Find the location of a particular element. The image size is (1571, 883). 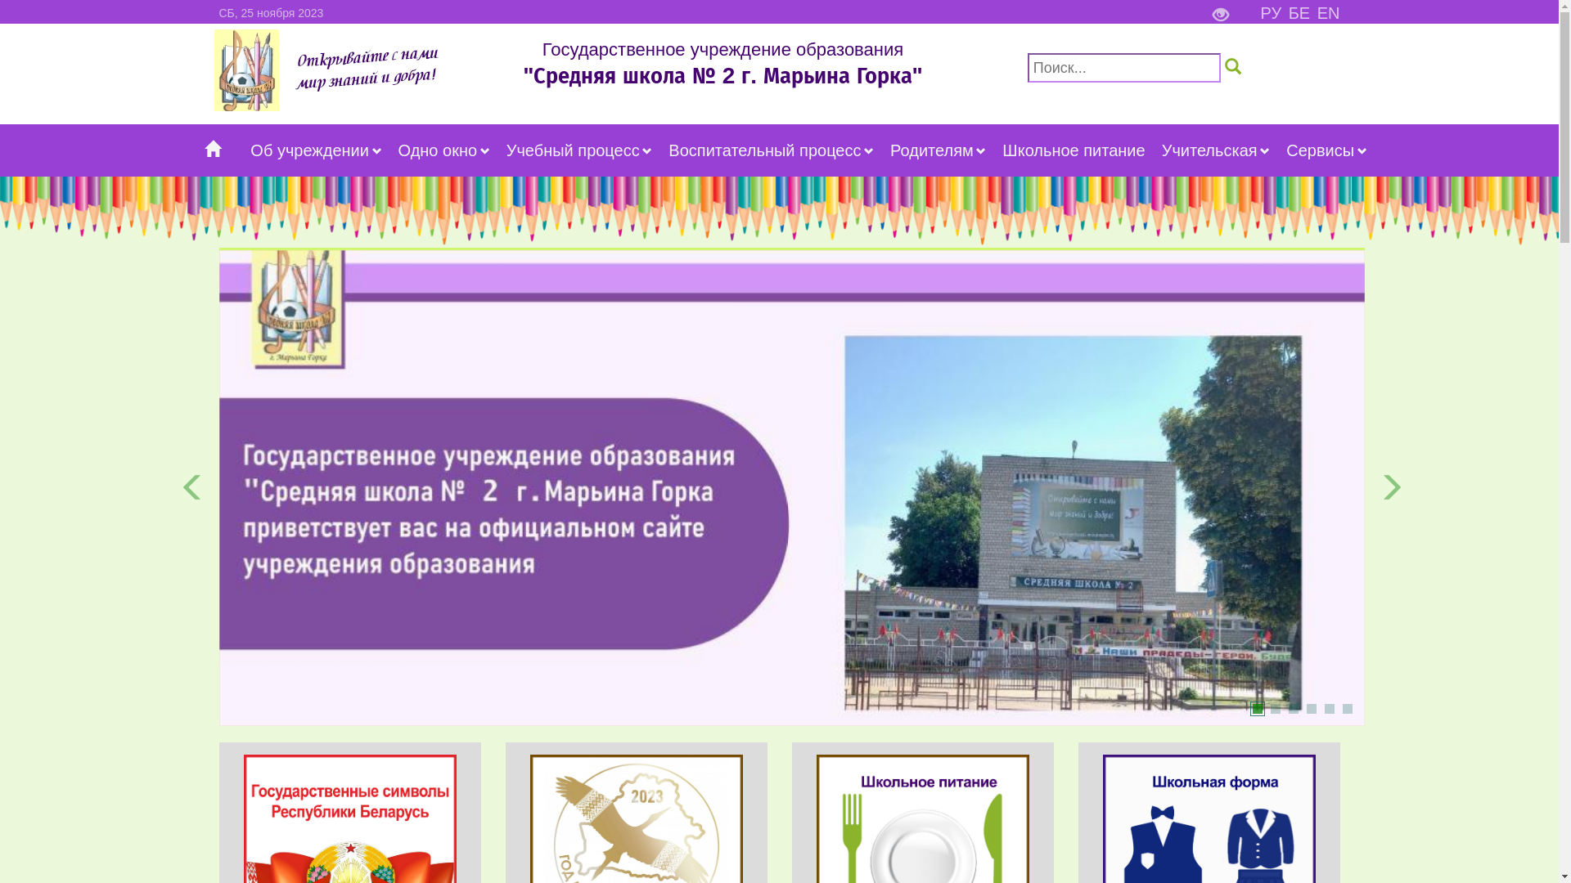

'EN' is located at coordinates (1328, 12).